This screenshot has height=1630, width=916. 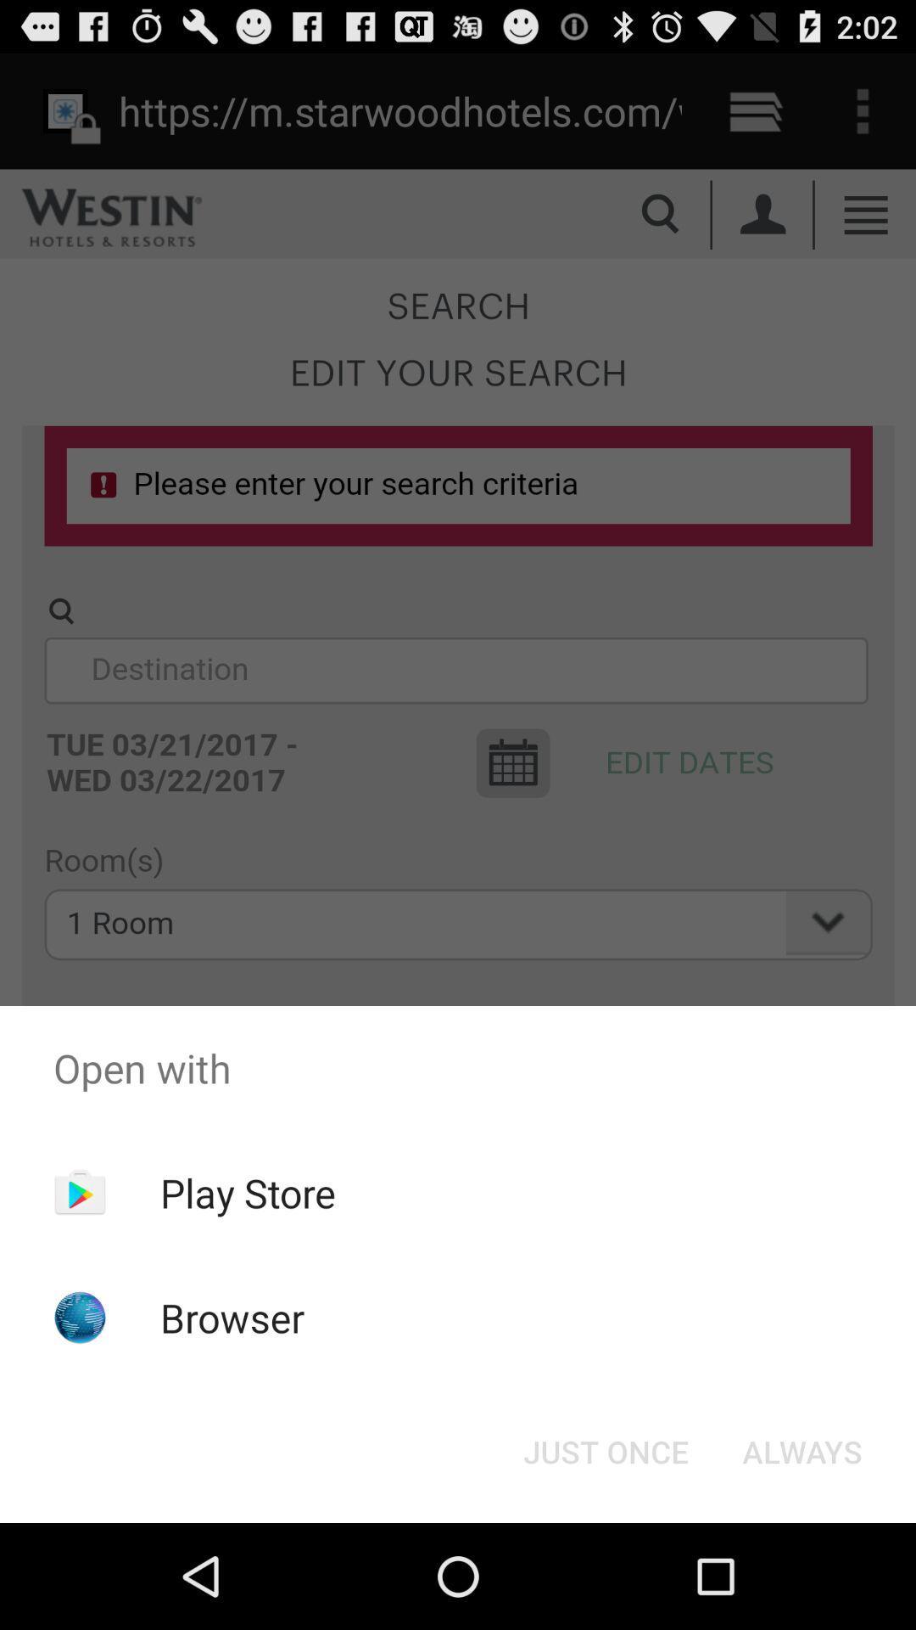 I want to click on the just once icon, so click(x=605, y=1450).